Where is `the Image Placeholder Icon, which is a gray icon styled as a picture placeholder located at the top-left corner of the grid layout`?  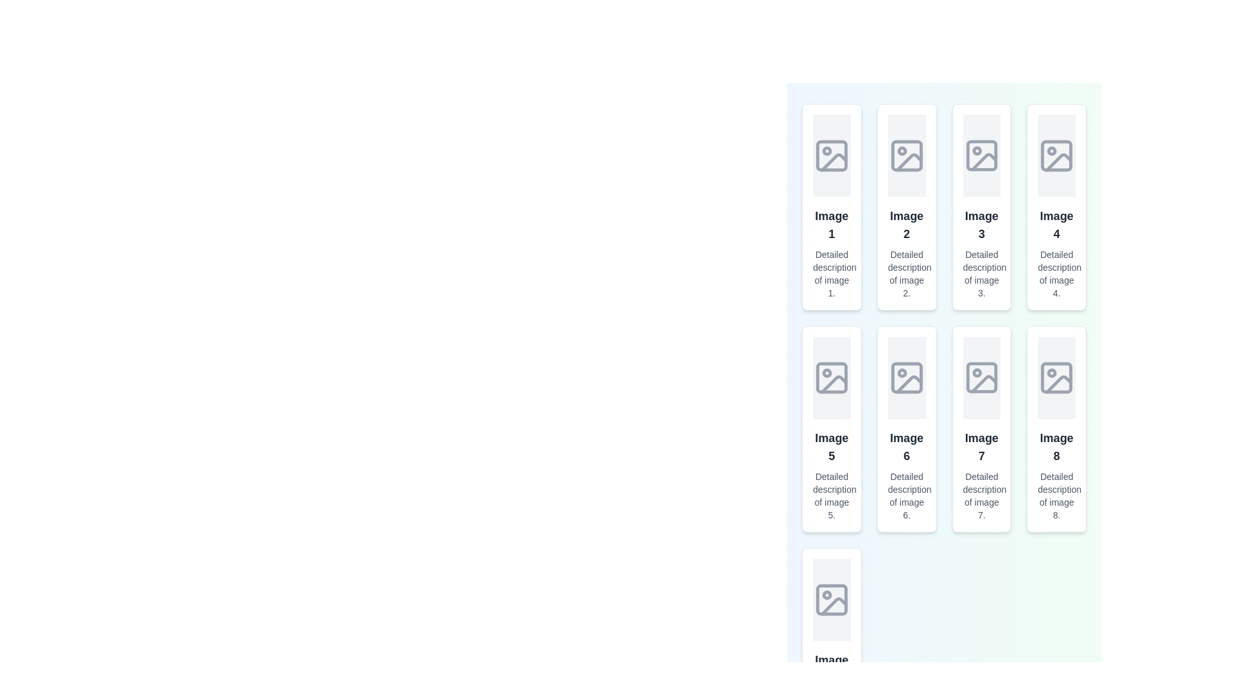 the Image Placeholder Icon, which is a gray icon styled as a picture placeholder located at the top-left corner of the grid layout is located at coordinates (832, 155).